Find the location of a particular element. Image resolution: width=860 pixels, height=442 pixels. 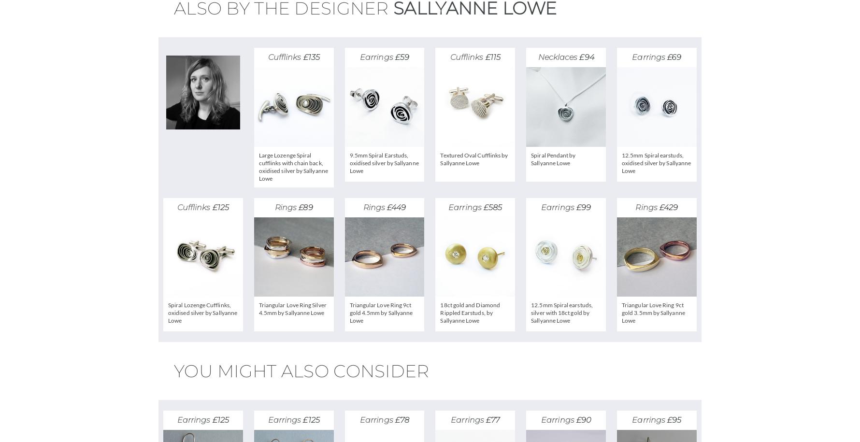

'£59' is located at coordinates (401, 57).